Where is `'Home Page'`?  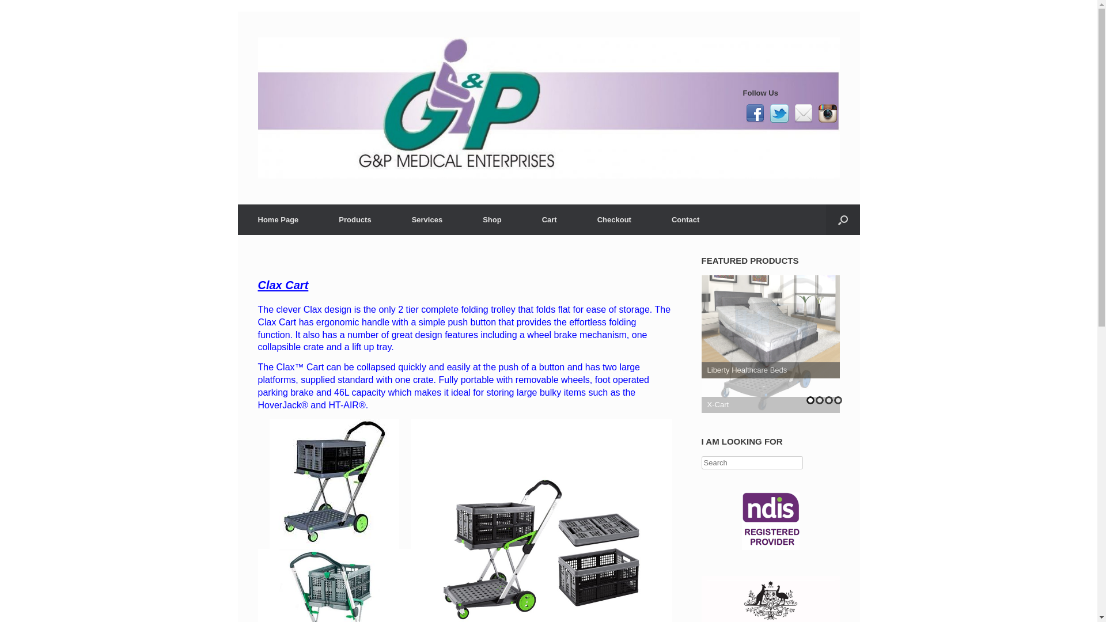 'Home Page' is located at coordinates (237, 219).